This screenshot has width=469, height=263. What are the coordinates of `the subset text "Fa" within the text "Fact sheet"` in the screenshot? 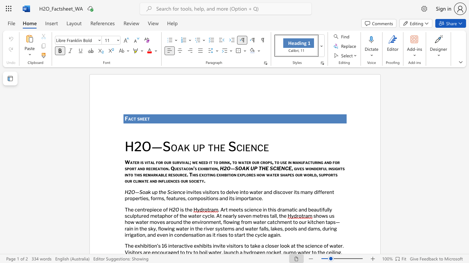 It's located at (125, 118).